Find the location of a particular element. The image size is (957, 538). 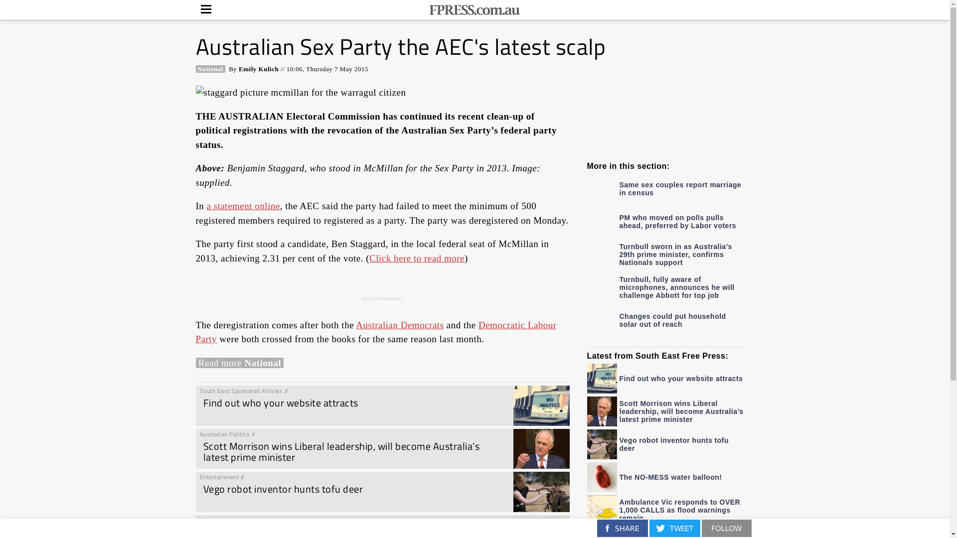

'PM who moved on polls pulls ahead, preferred by Labor voters' is located at coordinates (665, 220).